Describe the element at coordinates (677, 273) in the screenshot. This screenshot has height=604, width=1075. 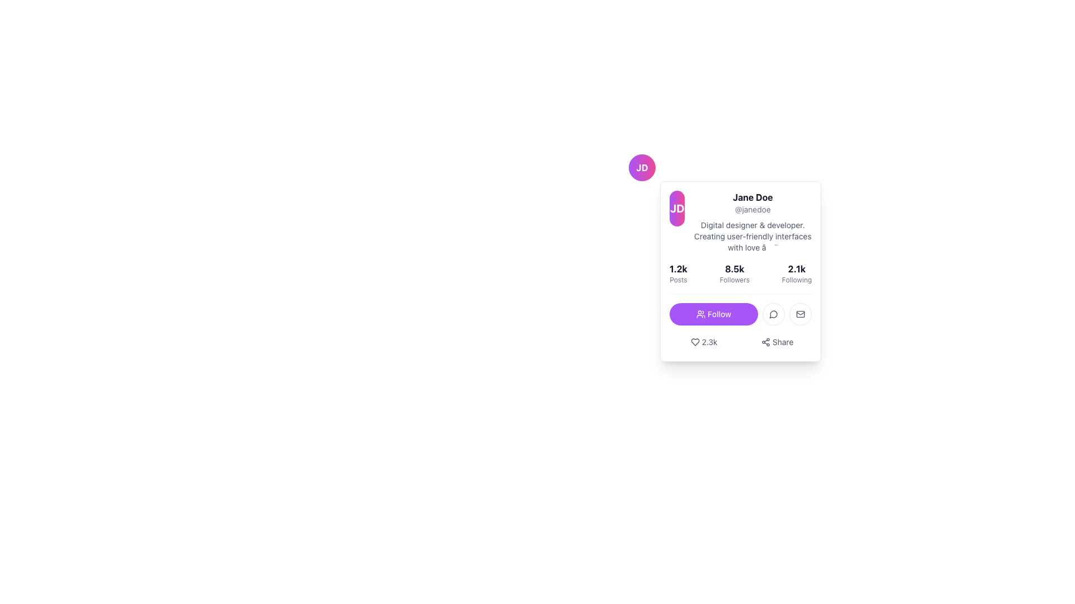
I see `the text display component that shows the count of posts made by the user, which is located to the left of the followers and following counts` at that location.